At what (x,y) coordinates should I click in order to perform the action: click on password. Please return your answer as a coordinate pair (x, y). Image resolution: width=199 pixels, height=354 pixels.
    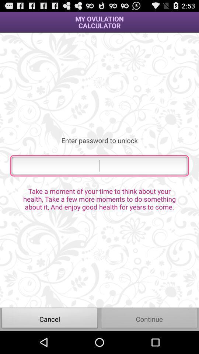
    Looking at the image, I should click on (99, 166).